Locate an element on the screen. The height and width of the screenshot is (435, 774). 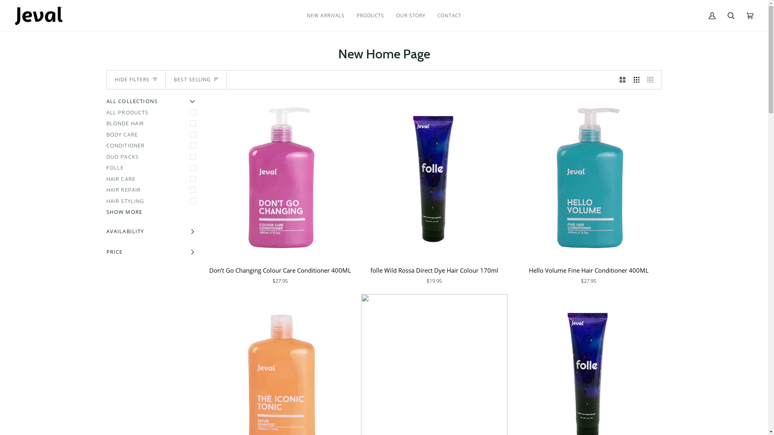
'OUR STORY' is located at coordinates (410, 15).